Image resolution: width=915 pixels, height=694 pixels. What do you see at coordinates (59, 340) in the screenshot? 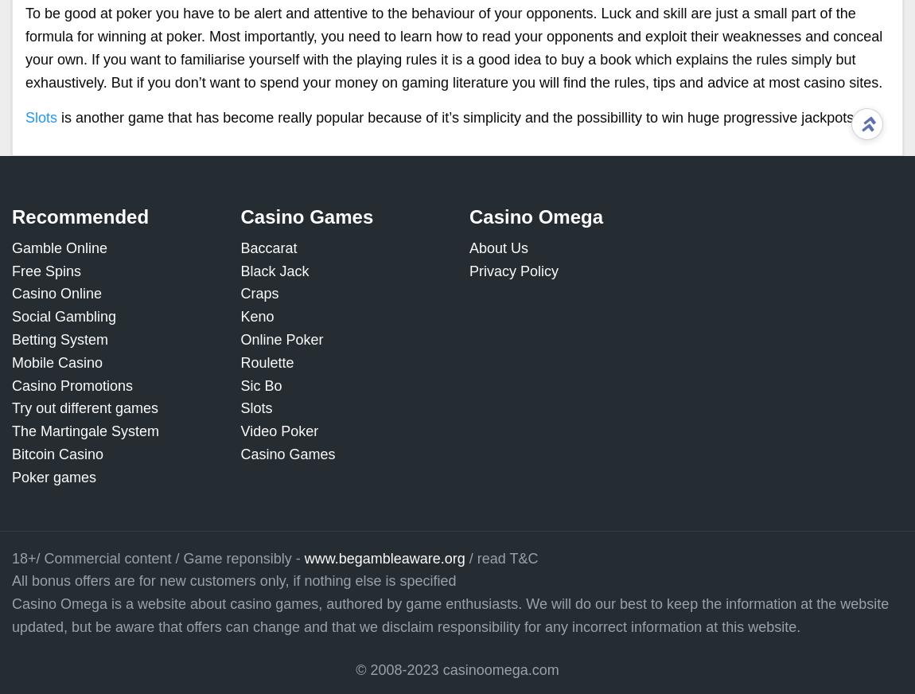
I see `'Betting System'` at bounding box center [59, 340].